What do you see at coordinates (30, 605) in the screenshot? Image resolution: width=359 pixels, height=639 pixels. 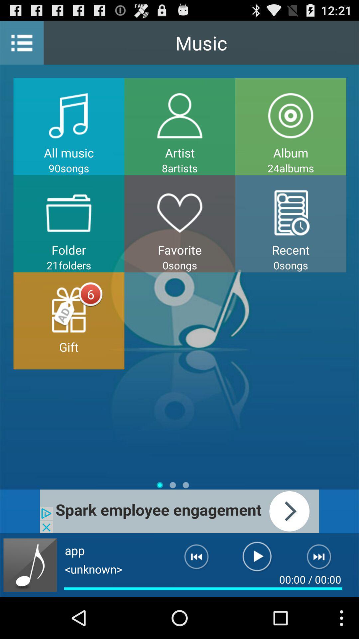 I see `the music icon` at bounding box center [30, 605].